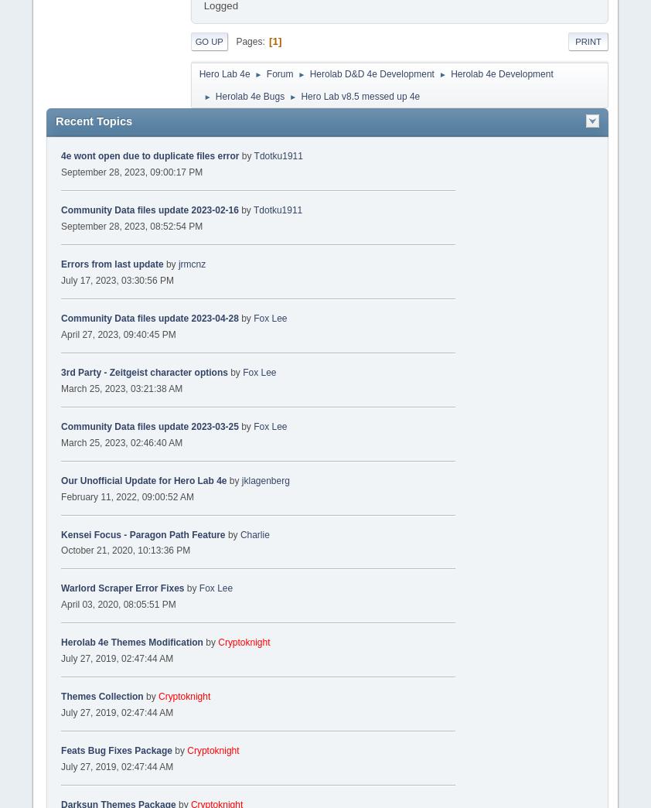 The height and width of the screenshot is (808, 651). What do you see at coordinates (121, 387) in the screenshot?
I see `'March 25, 2023, 03:21:38 AM'` at bounding box center [121, 387].